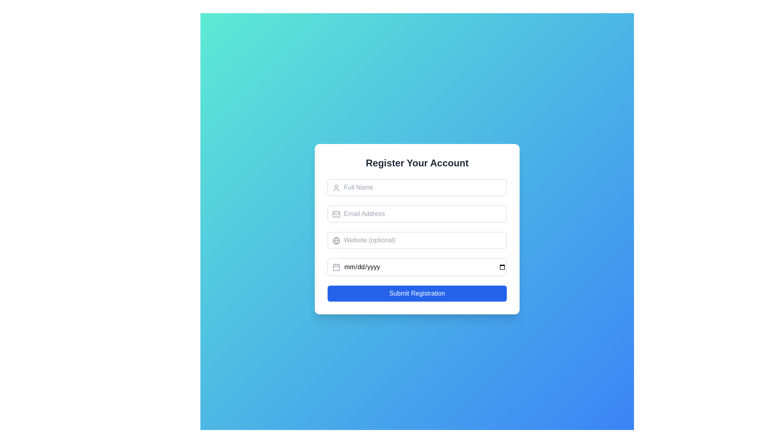 The width and height of the screenshot is (768, 432). I want to click on the SVG circle component that is part of a globe-themed icon in the top-left corner of the 'Website (optional)' input field, so click(336, 240).